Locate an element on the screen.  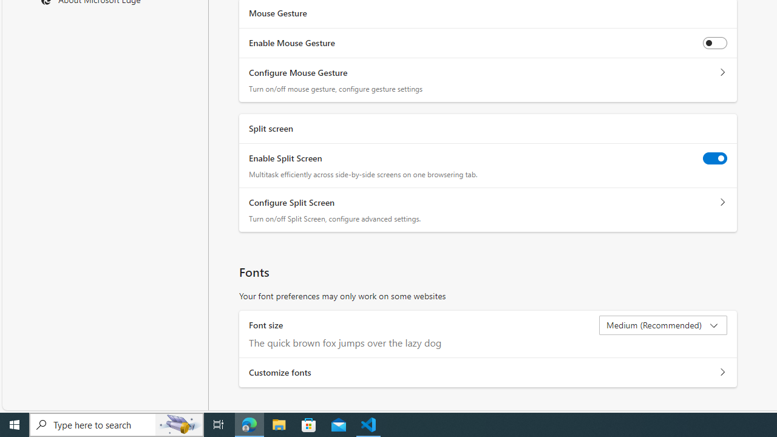
'Font size Medium (Recommended)' is located at coordinates (662, 325).